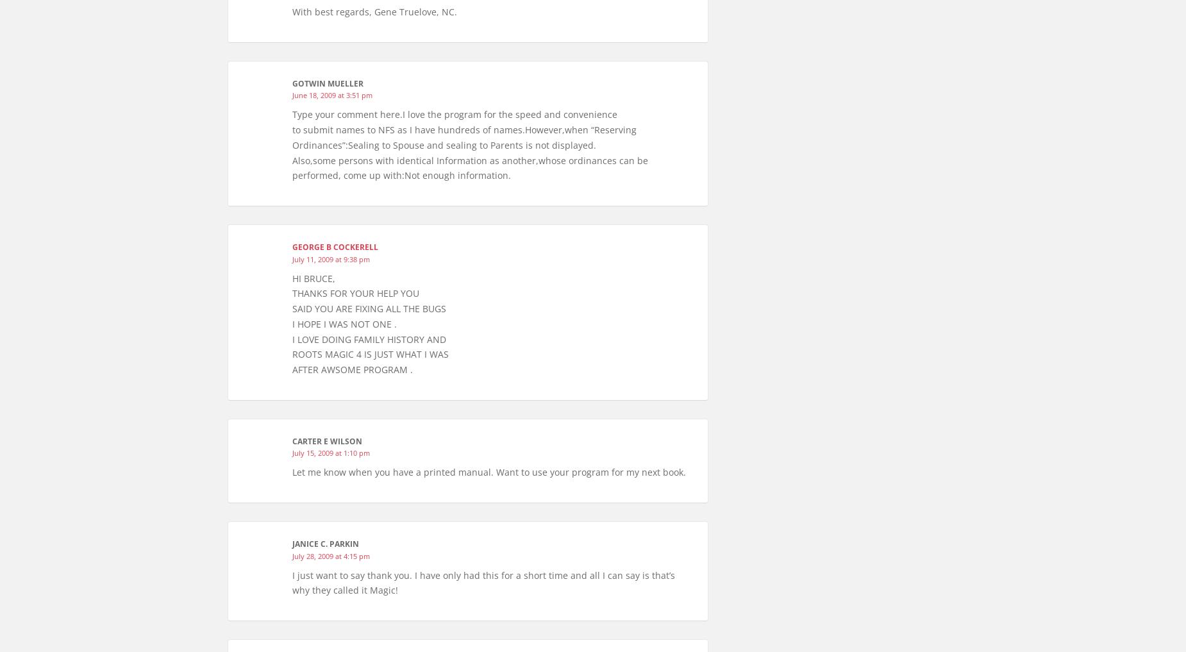  Describe the element at coordinates (483, 581) in the screenshot. I see `'I just want to say thank you.  I have only had this for a short time and all I can say is that’s why they called it Magic!'` at that location.